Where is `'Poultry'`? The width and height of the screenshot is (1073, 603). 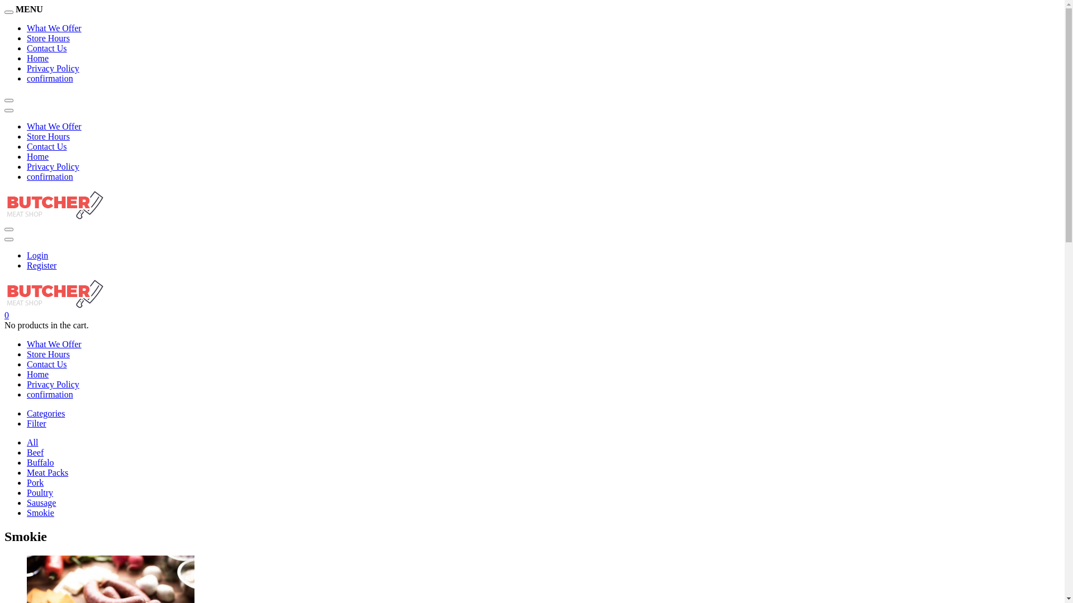
'Poultry' is located at coordinates (40, 492).